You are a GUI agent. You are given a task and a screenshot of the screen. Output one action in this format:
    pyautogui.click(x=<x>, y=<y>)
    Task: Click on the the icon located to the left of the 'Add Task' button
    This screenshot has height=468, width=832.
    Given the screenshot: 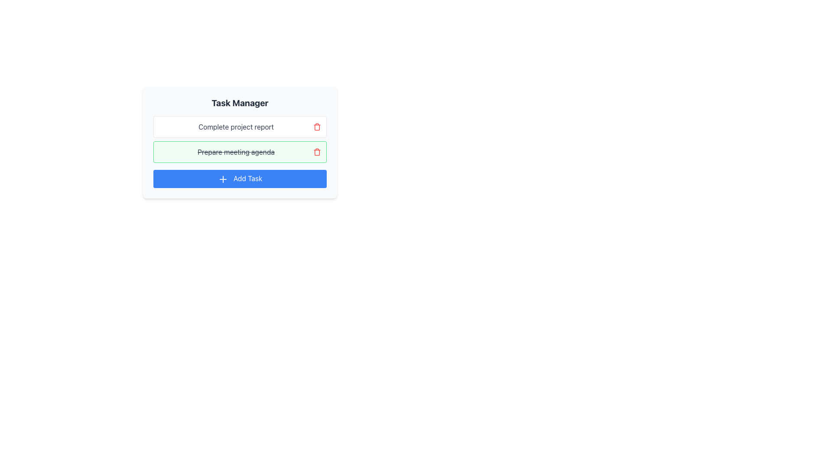 What is the action you would take?
    pyautogui.click(x=223, y=179)
    